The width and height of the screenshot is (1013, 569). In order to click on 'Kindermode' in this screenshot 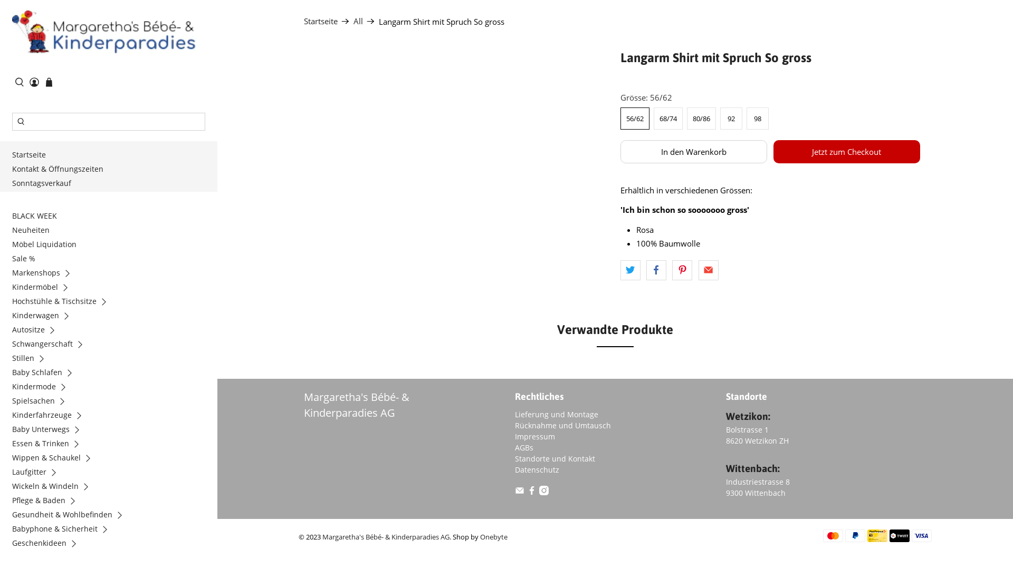, I will do `click(42, 388)`.